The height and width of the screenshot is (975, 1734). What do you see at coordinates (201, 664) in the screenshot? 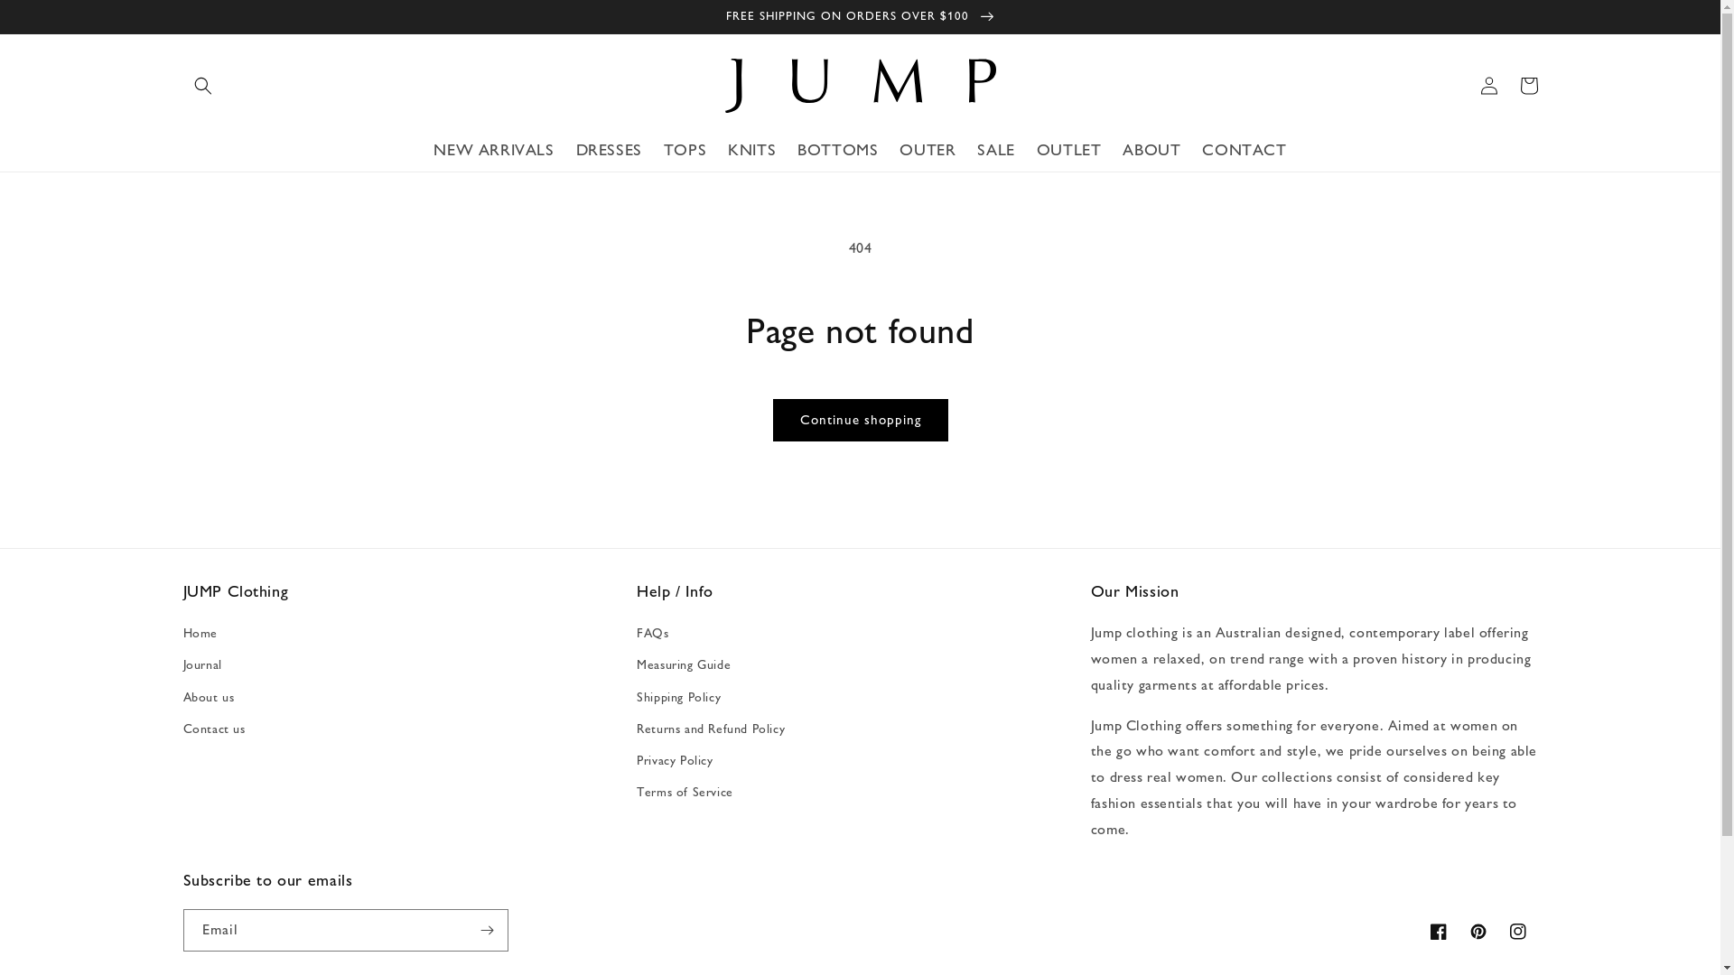
I see `'Journal'` at bounding box center [201, 664].